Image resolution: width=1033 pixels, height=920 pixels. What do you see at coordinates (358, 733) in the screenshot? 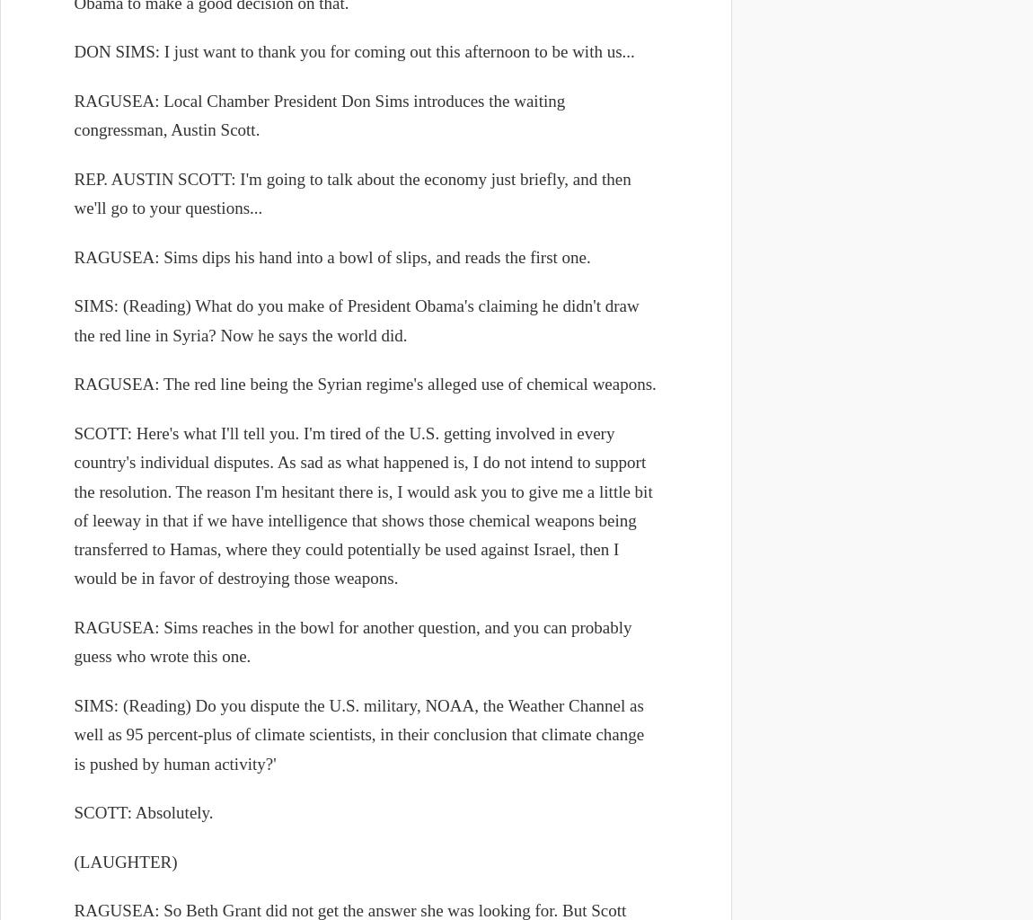
I see `'SIMS: (Reading) Do you dispute the U.S. military, NOAA, the Weather Channel as well as 95 percent-plus of climate scientists, in their conclusion that climate change is pushed by human activity?''` at bounding box center [358, 733].